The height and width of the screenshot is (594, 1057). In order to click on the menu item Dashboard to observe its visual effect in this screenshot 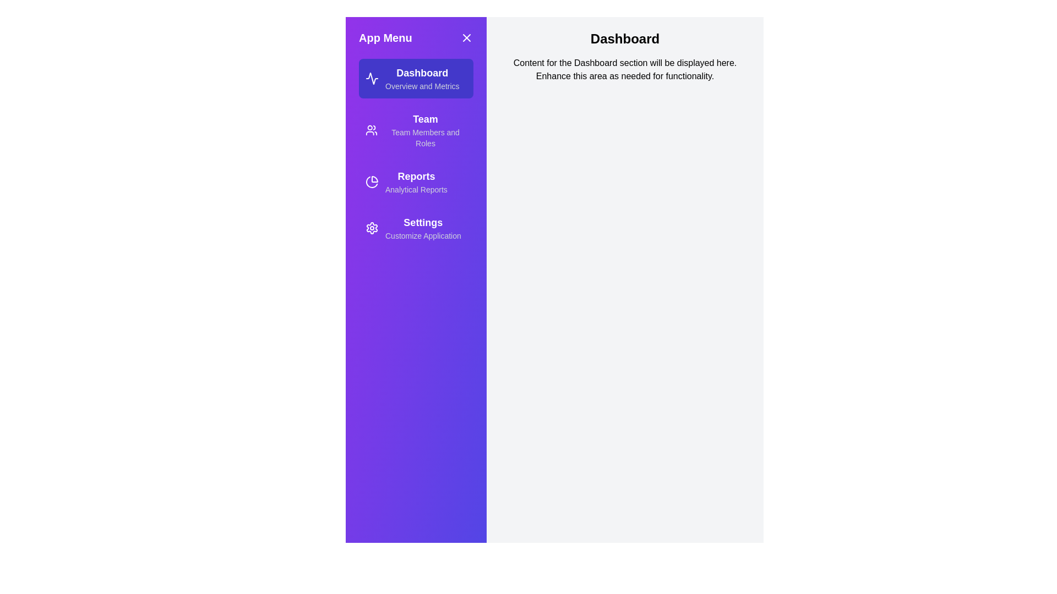, I will do `click(415, 78)`.